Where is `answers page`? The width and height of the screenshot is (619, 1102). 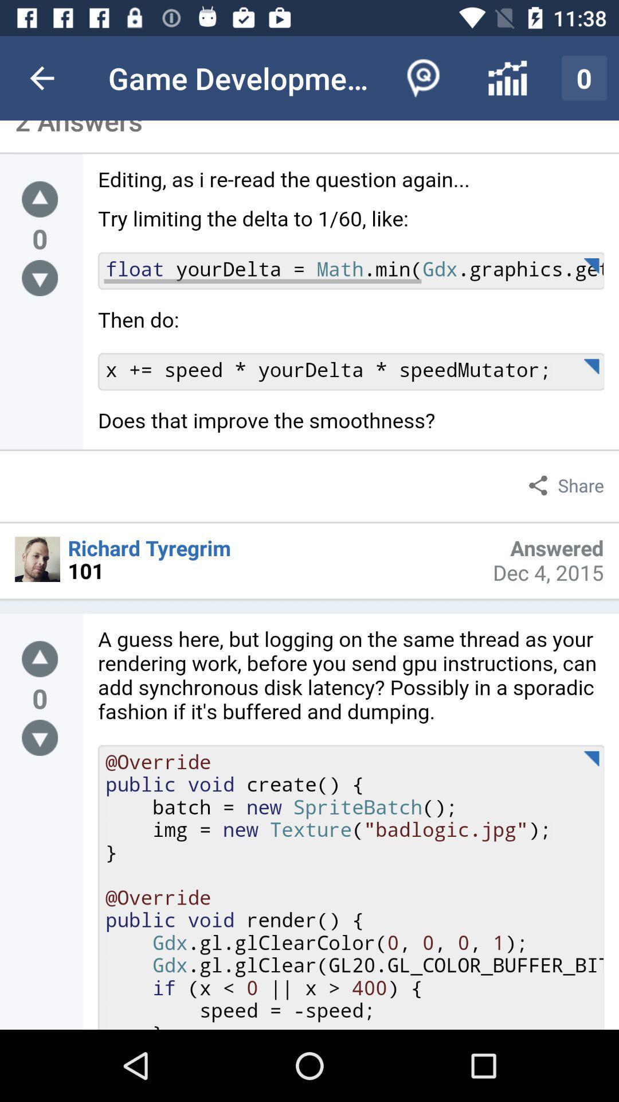 answers page is located at coordinates (350, 309).